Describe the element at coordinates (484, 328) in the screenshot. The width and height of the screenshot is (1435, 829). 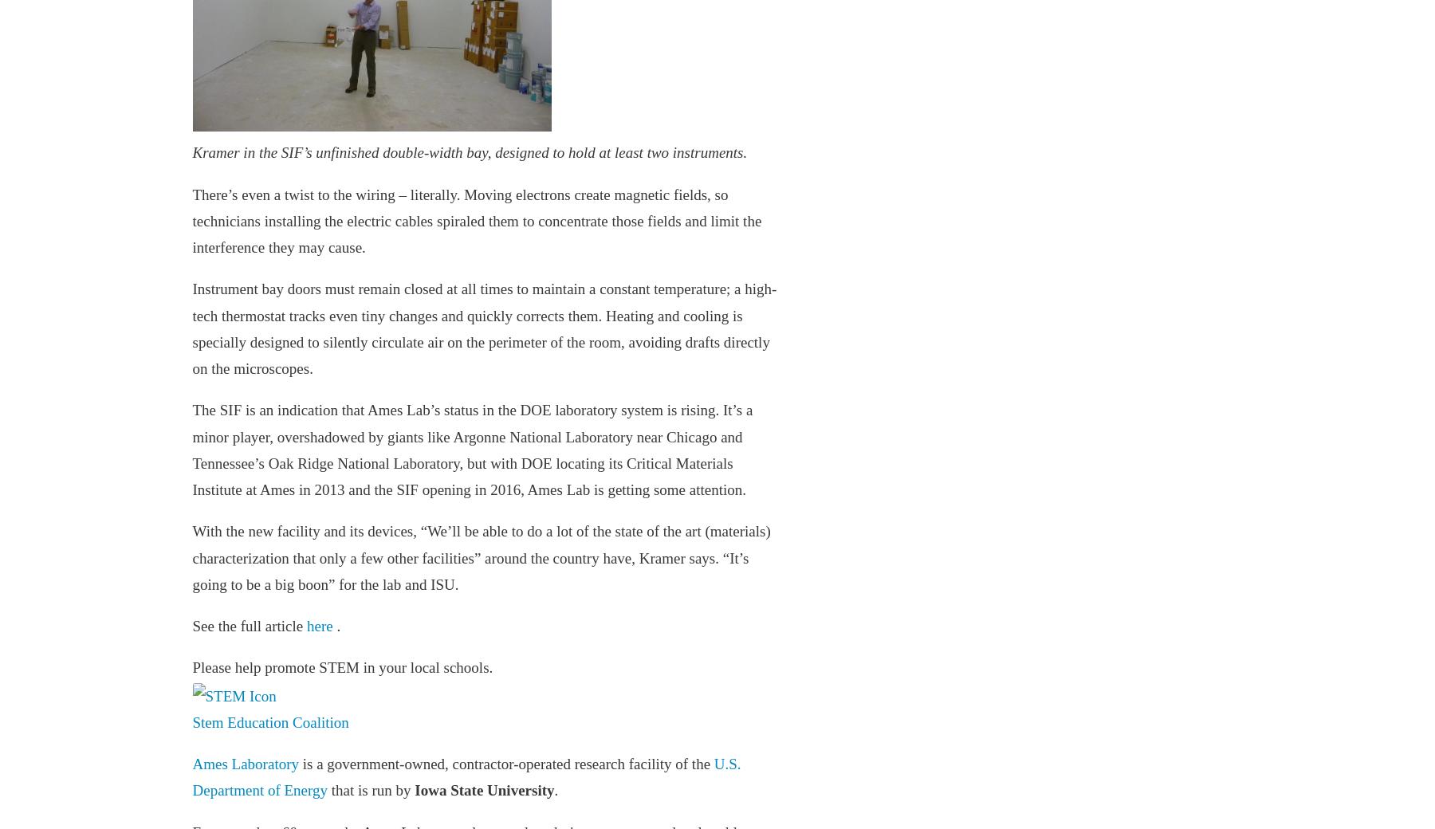
I see `'Instrument bay doors must remain closed at all times to maintain a constant temperature; a high-tech thermostat tracks even tiny changes and quickly corrects them. Heating and cooling is specially designed to silently circulate air on the perimeter of the room, avoiding drafts directly on the microscopes.'` at that location.